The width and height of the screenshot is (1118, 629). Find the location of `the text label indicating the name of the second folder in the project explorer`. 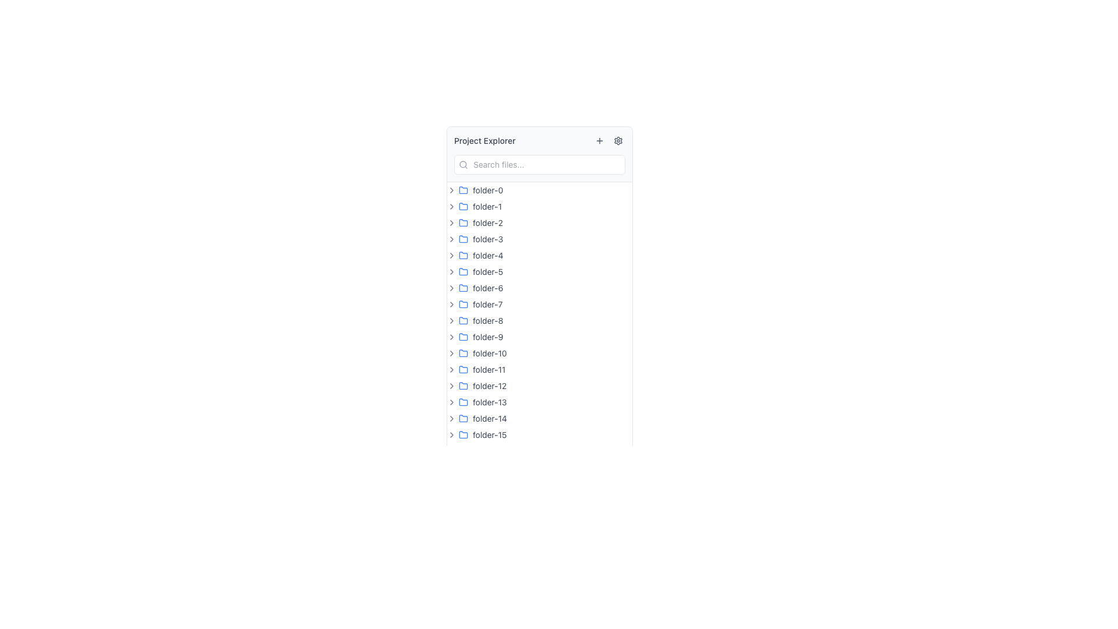

the text label indicating the name of the second folder in the project explorer is located at coordinates (487, 206).